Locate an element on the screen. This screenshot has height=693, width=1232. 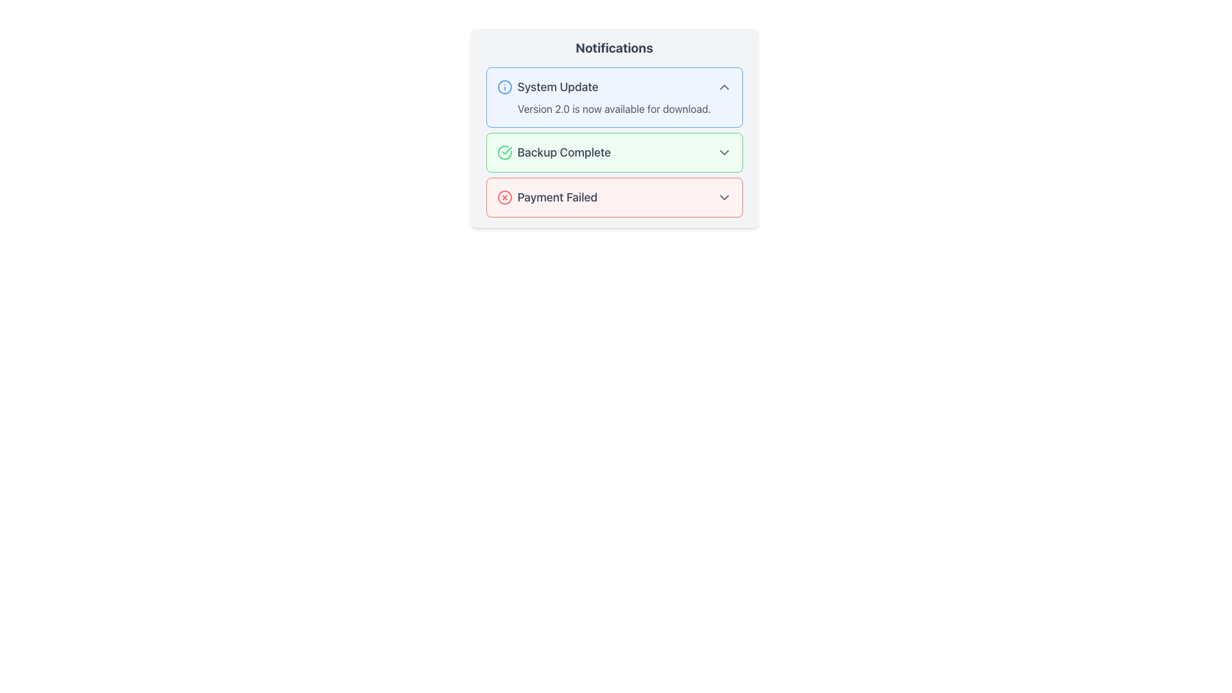
the chevron button located on the right side of the 'System Update' notification box is located at coordinates (724, 87).